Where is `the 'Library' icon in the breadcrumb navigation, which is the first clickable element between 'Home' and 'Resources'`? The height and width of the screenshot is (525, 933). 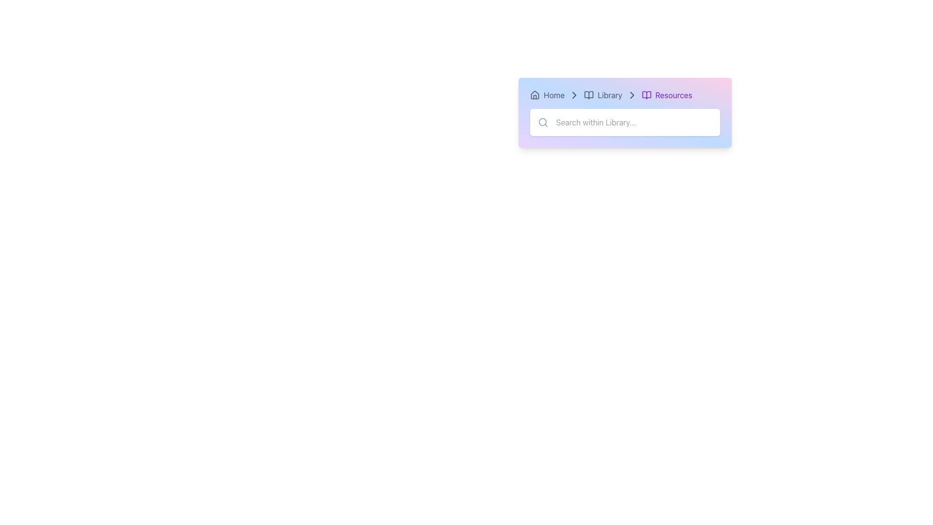
the 'Library' icon in the breadcrumb navigation, which is the first clickable element between 'Home' and 'Resources' is located at coordinates (588, 95).